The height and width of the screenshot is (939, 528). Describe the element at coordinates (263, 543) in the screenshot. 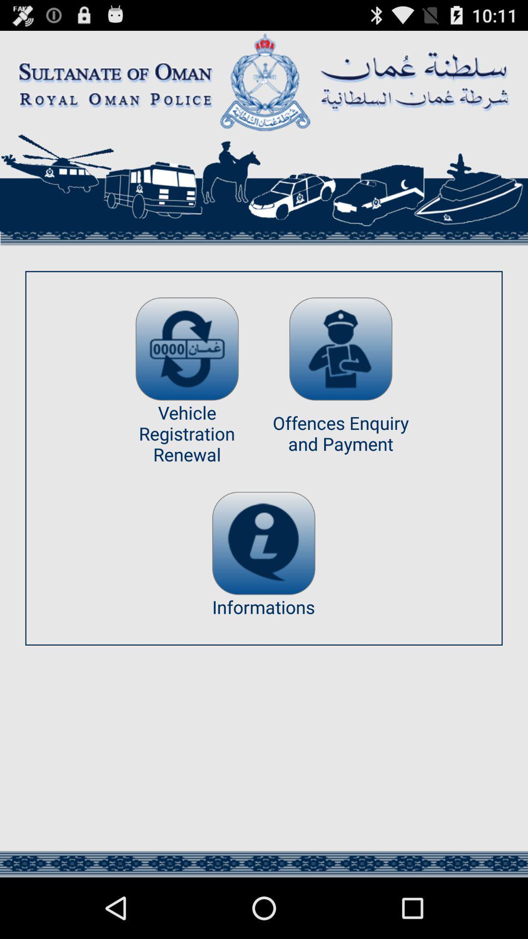

I see `the icon above informations` at that location.